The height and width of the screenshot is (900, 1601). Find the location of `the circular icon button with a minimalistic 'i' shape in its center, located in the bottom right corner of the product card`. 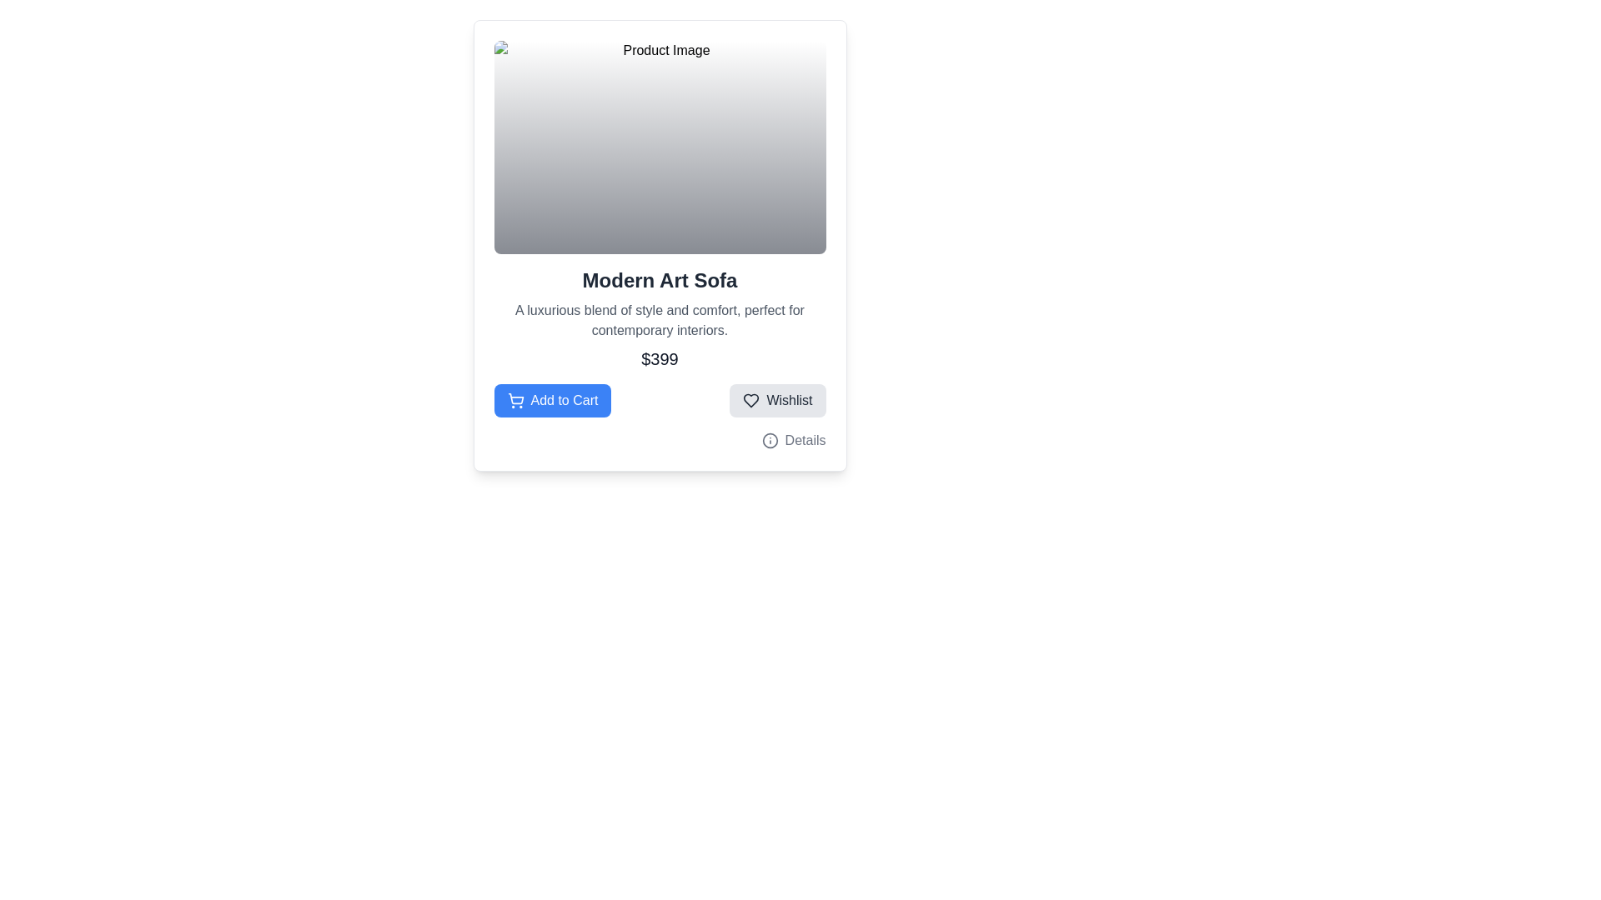

the circular icon button with a minimalistic 'i' shape in its center, located in the bottom right corner of the product card is located at coordinates (769, 439).